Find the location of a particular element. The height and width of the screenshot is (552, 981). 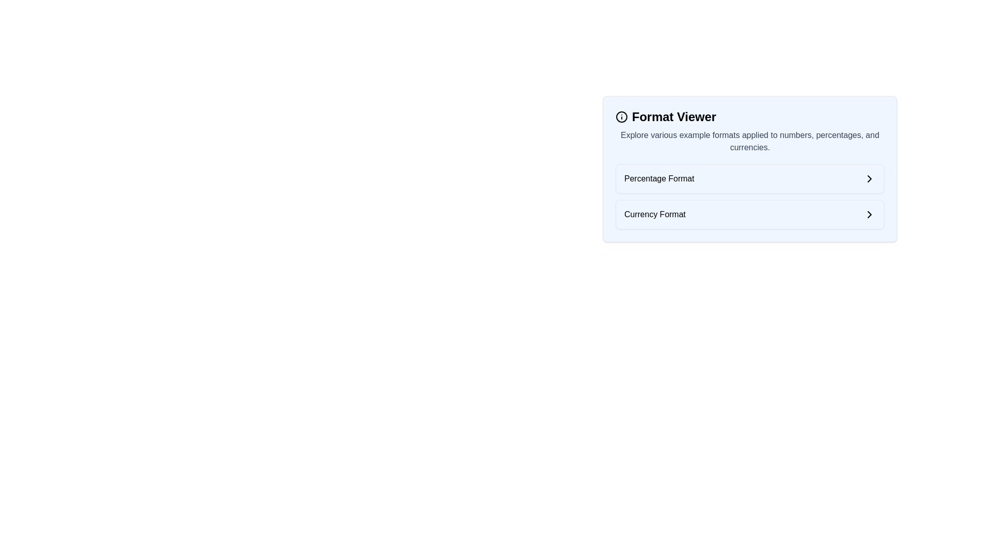

the chevron icon located on the right side of the 'Currency Format' row is located at coordinates (869, 214).